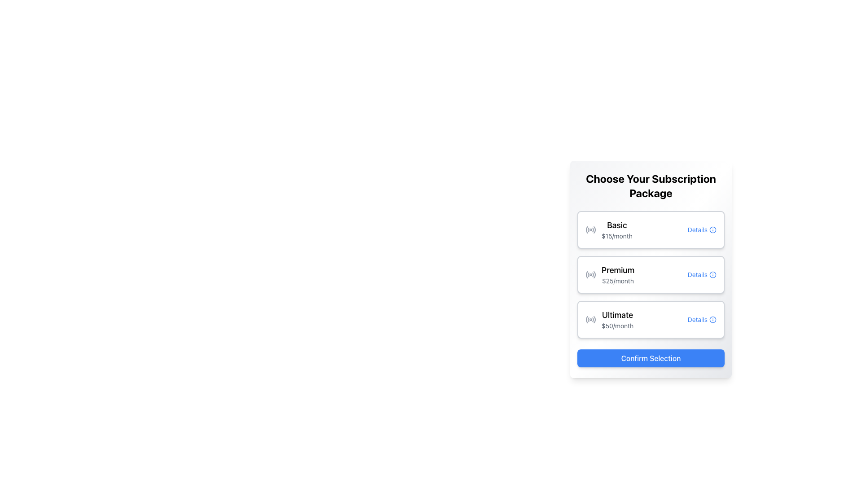 This screenshot has height=485, width=862. What do you see at coordinates (590, 229) in the screenshot?
I see `the radio button icon for the 'Basic' subscription plan to visually indicate the selected option` at bounding box center [590, 229].